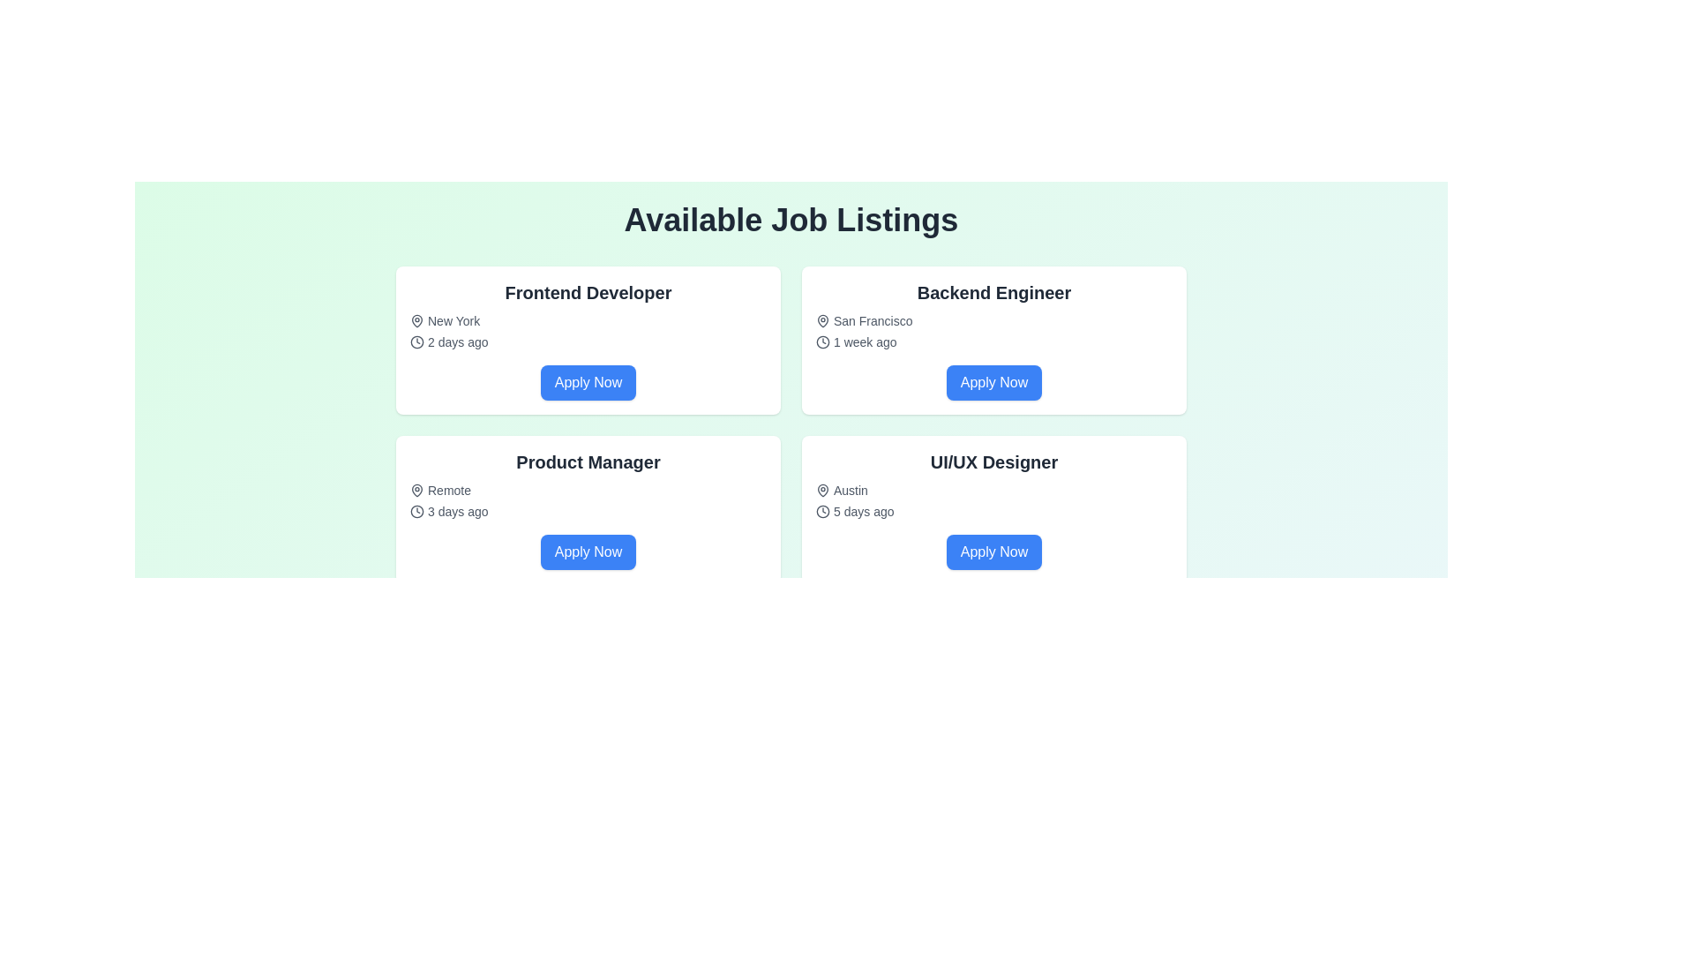 The width and height of the screenshot is (1694, 953). Describe the element at coordinates (416, 490) in the screenshot. I see `the location indicator icon that signifies 'Remote' in the 'Product Manager' job listing card, positioned to the left of the 'Remote' label` at that location.